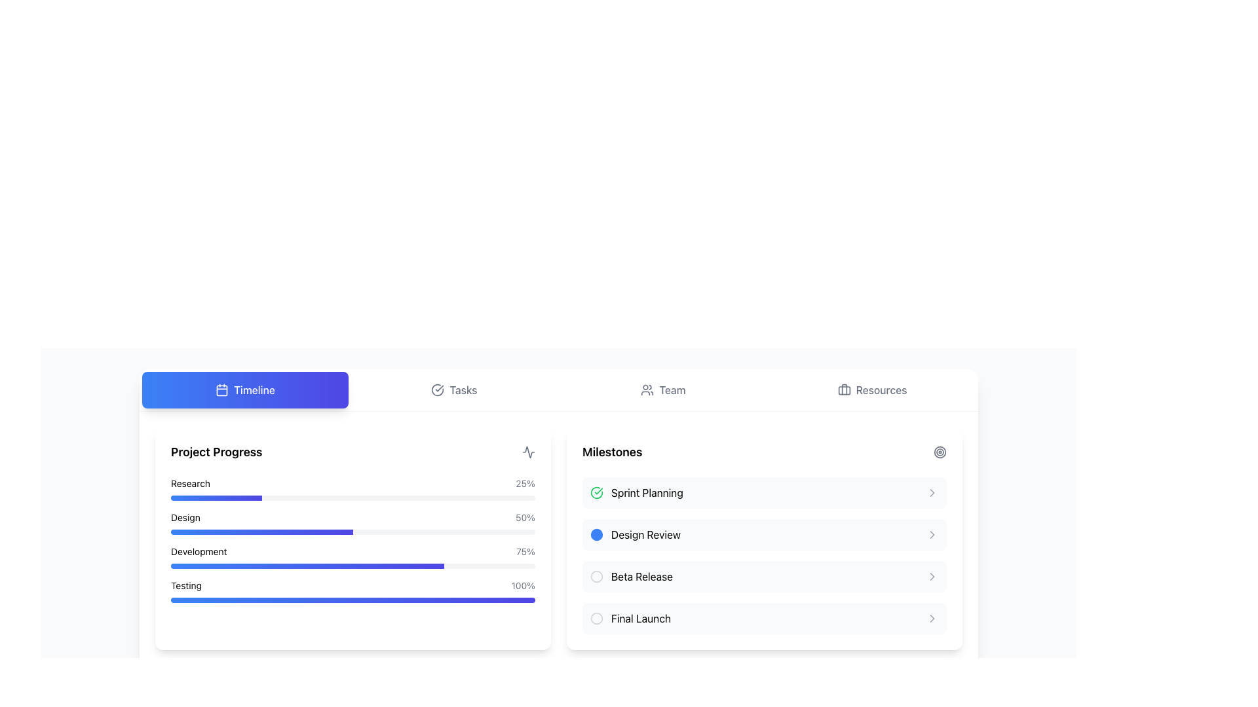  What do you see at coordinates (353, 498) in the screenshot?
I see `the progress visually on the 'Research' progress bar located in the 'Project Progress' section of the left panel below the 'Timeline' tab, which shows 25% completion` at bounding box center [353, 498].